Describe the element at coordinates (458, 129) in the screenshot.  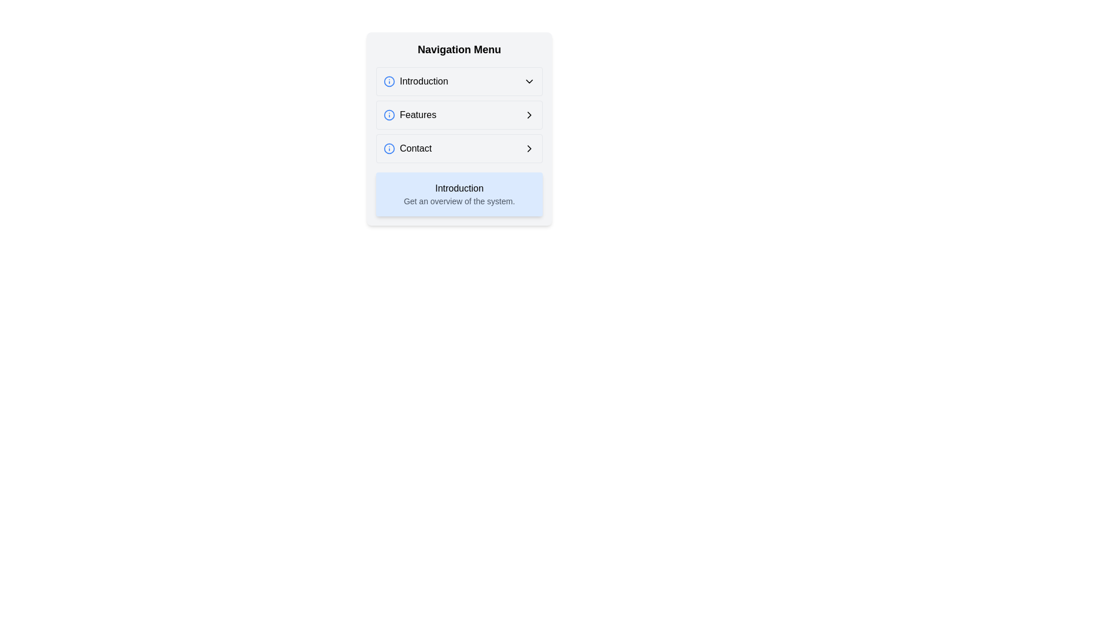
I see `the 'Features' menu item in the Navigation Menu` at that location.